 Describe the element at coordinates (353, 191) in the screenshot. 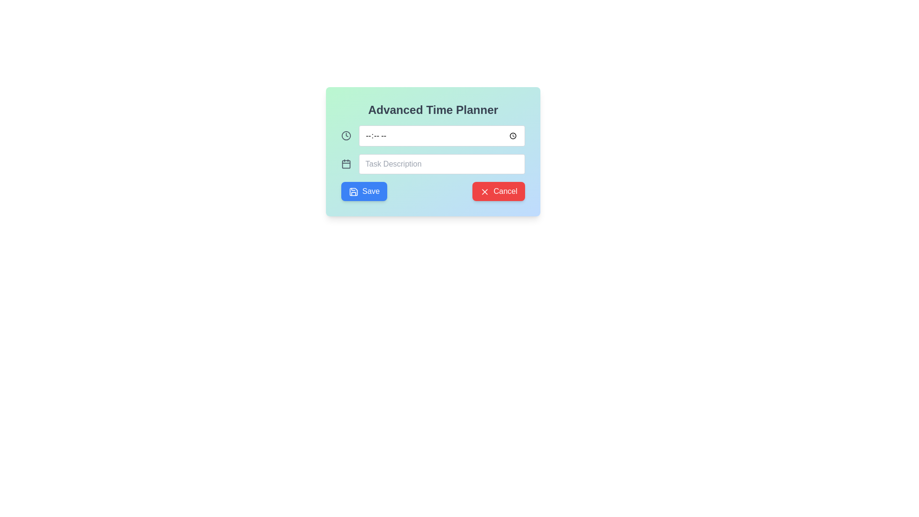

I see `the blue 'Save' button located in the lower left side of the 'Advanced Time Planner' modal` at that location.